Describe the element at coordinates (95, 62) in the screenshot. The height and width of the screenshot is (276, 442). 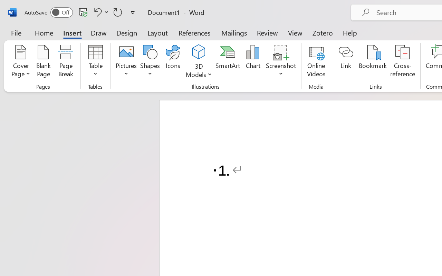
I see `'Table'` at that location.